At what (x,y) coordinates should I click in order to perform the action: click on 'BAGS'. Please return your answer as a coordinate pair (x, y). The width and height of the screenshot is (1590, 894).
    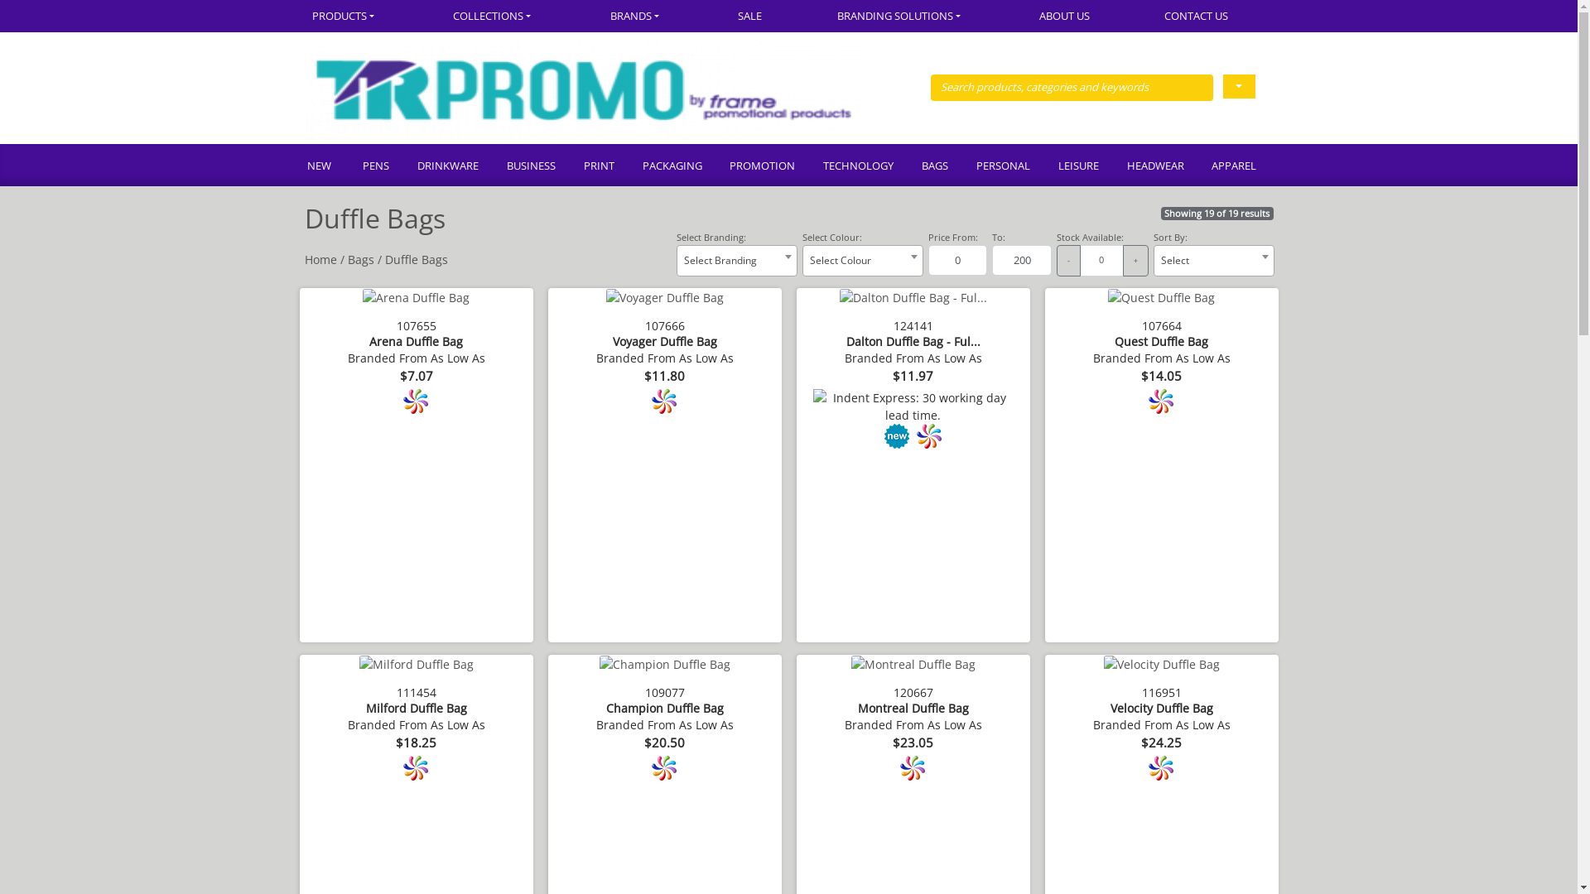
    Looking at the image, I should click on (934, 166).